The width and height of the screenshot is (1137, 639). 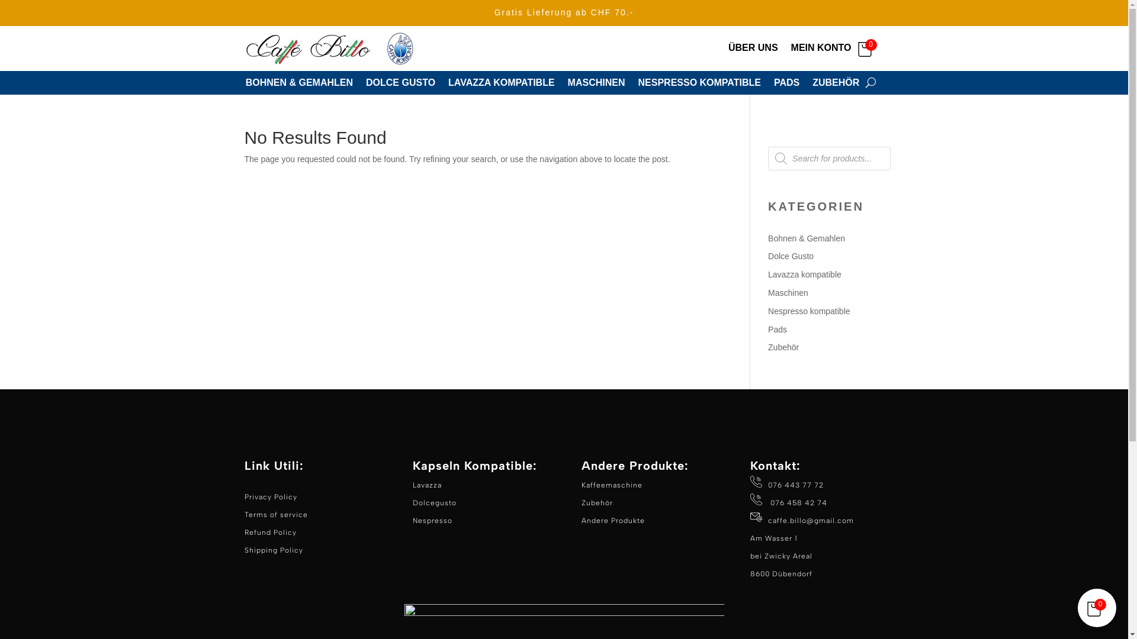 I want to click on 'Bohnen & Gemahlen', so click(x=806, y=238).